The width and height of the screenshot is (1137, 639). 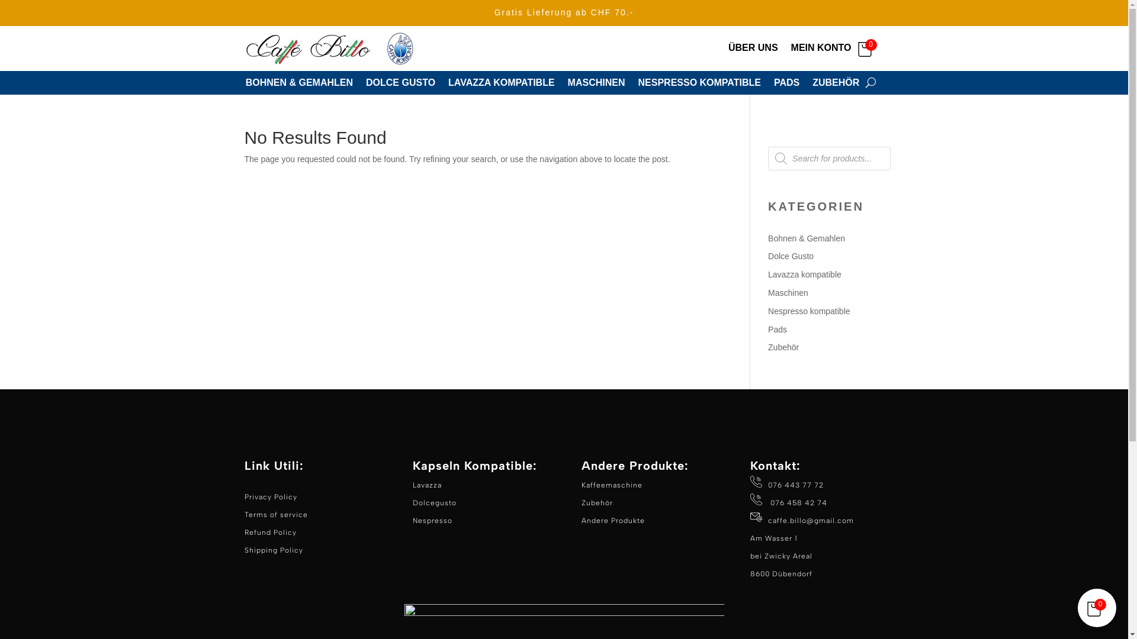 I want to click on 'Bohnen & Gemahlen', so click(x=806, y=238).